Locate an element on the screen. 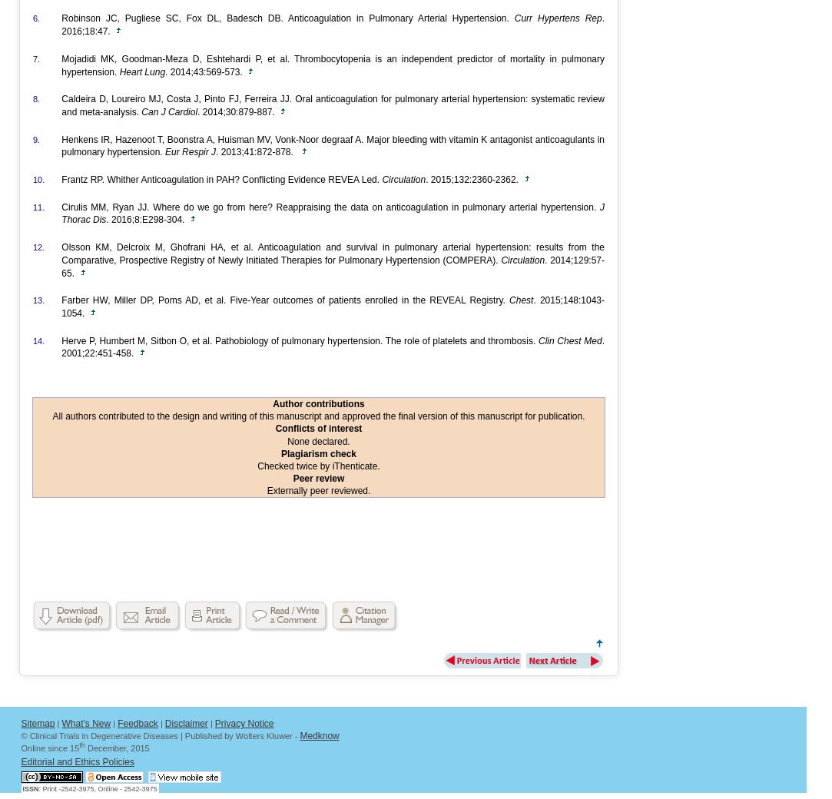 The width and height of the screenshot is (832, 799). 'Herve P, Humbert M, Sitbon O, et al. Pathobiology of pulmonary hypertension. The role of platelets and thrombosis.' is located at coordinates (300, 340).